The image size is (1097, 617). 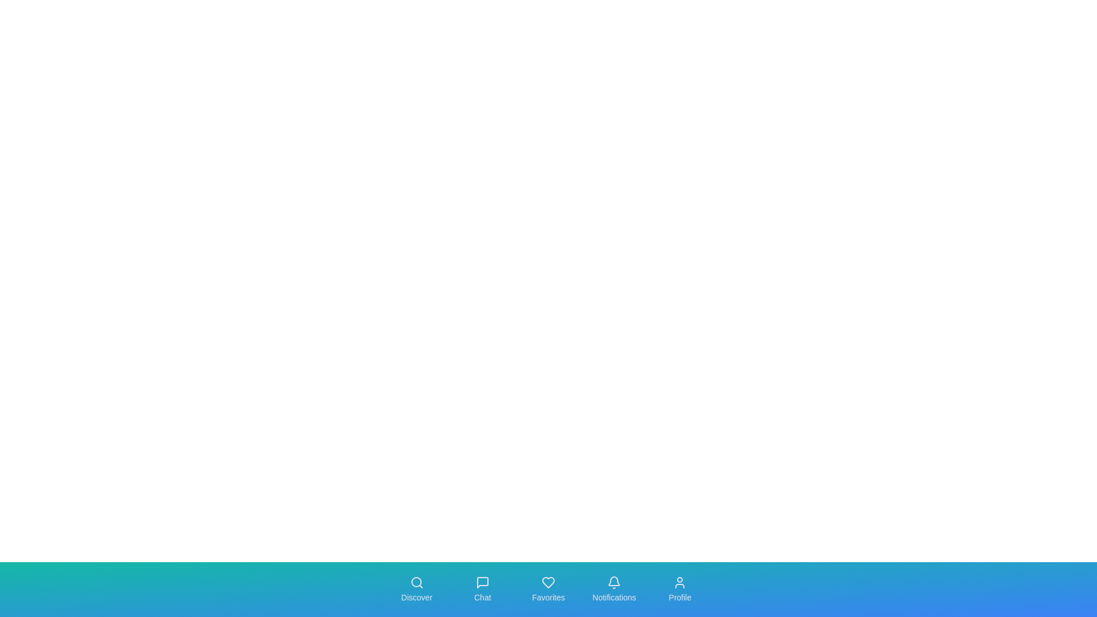 What do you see at coordinates (680, 590) in the screenshot?
I see `the navigation tab labeled Profile` at bounding box center [680, 590].